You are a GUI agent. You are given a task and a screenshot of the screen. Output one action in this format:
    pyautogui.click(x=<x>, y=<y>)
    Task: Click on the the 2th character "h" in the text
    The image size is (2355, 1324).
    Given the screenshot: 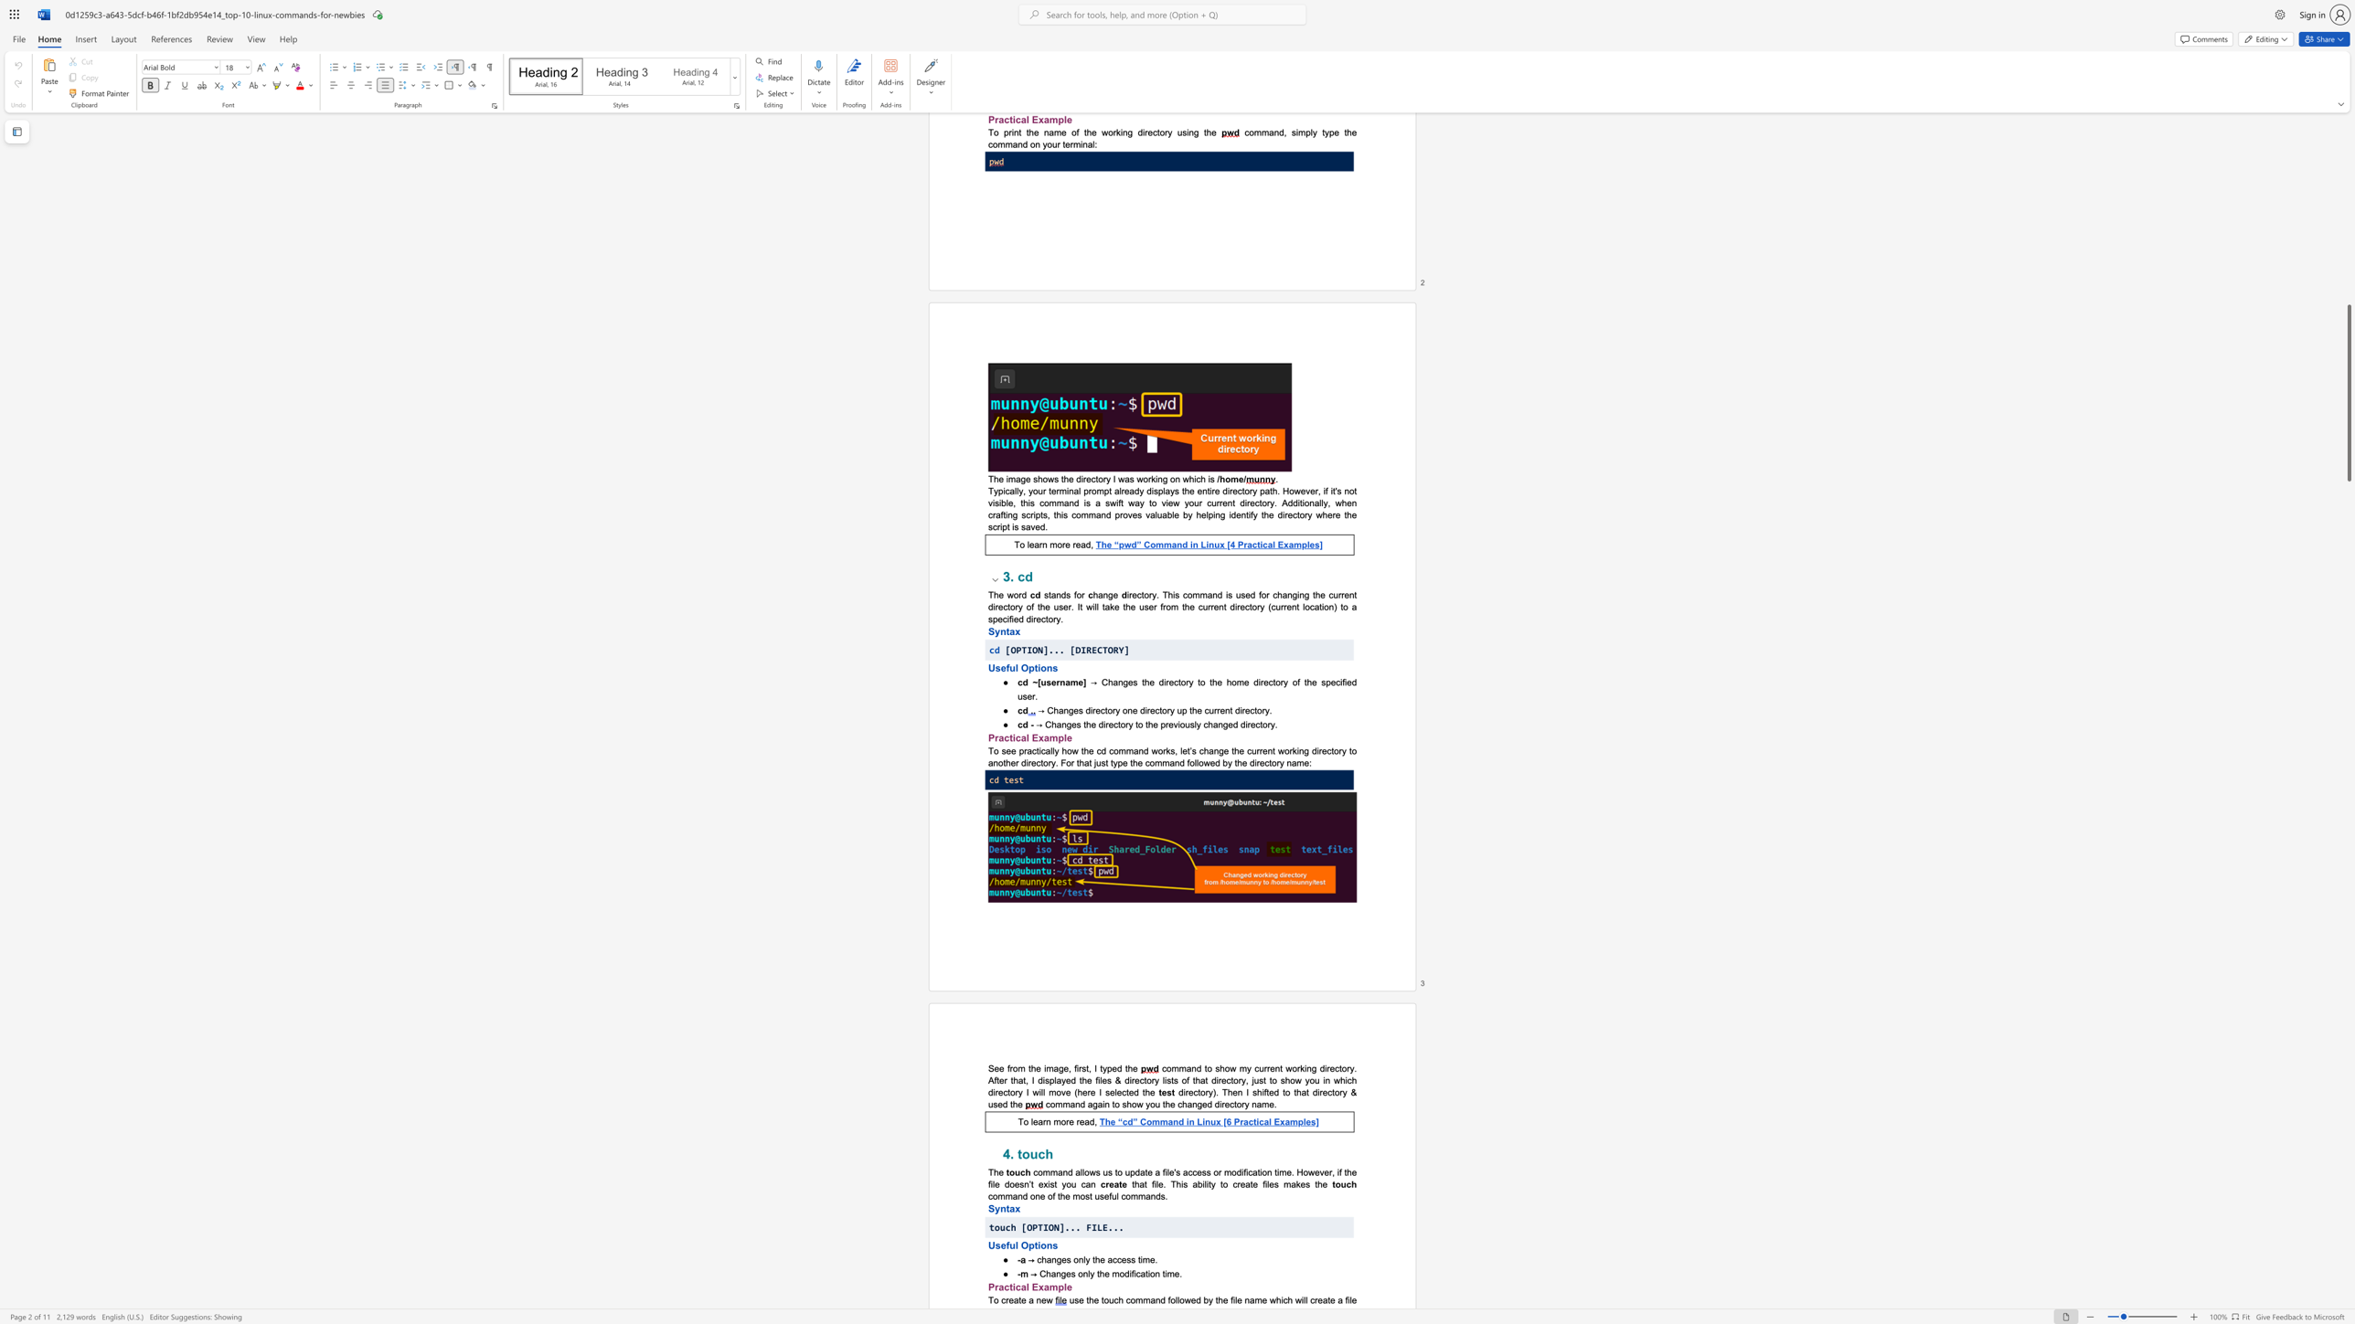 What is the action you would take?
    pyautogui.click(x=1167, y=1104)
    